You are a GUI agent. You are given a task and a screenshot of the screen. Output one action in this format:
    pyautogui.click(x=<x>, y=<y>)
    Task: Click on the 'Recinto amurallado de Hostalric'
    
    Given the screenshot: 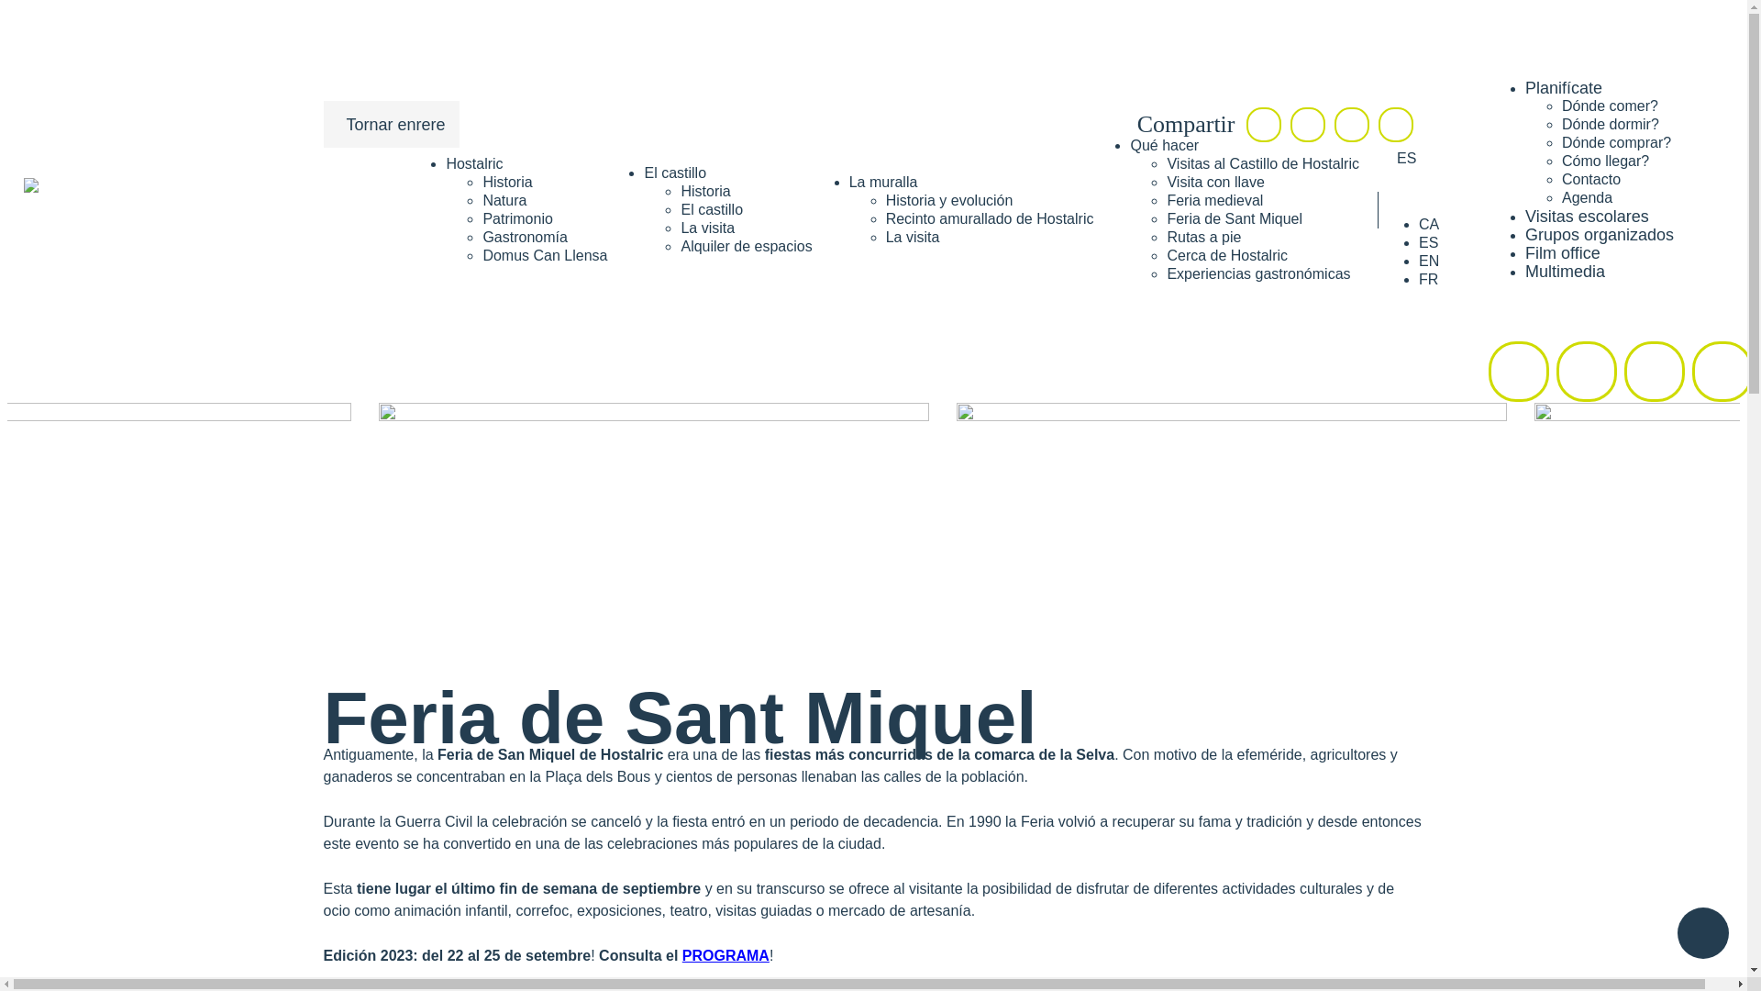 What is the action you would take?
    pyautogui.click(x=989, y=217)
    